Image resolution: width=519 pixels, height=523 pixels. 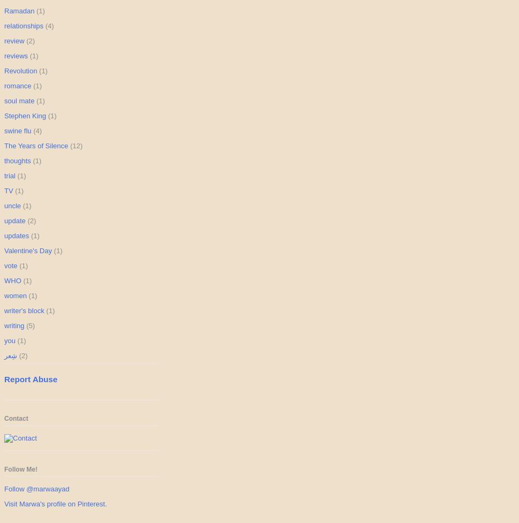 I want to click on 'Stephen King', so click(x=25, y=115).